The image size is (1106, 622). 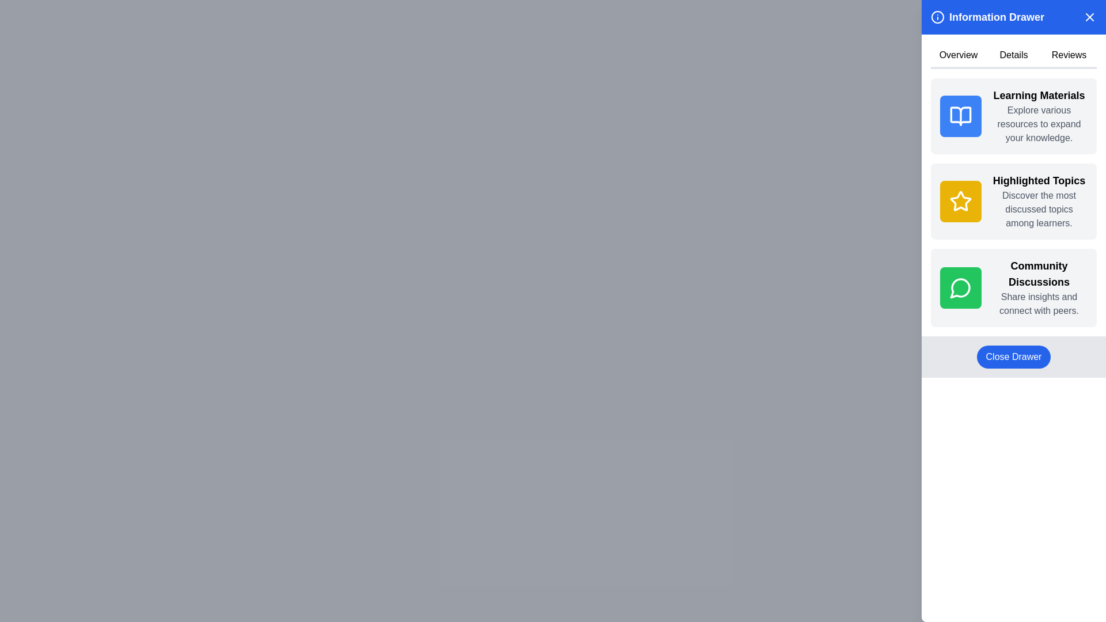 What do you see at coordinates (1069, 56) in the screenshot?
I see `the 'Reviews' tab in the navigation bar` at bounding box center [1069, 56].